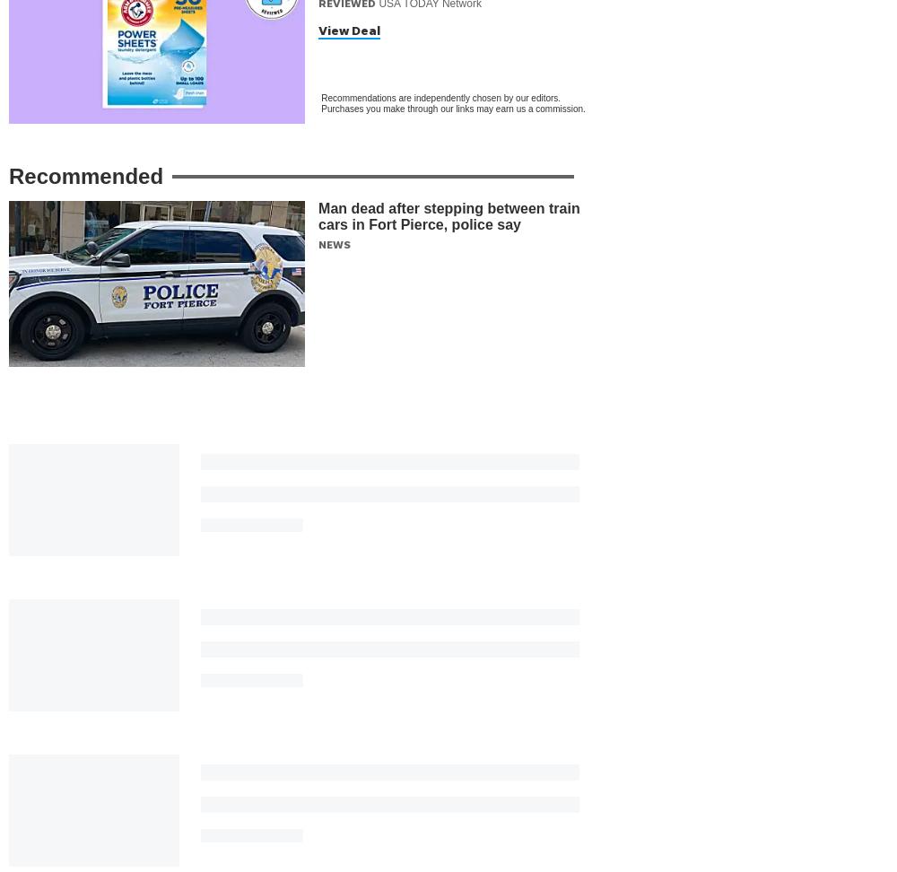 This screenshot has height=872, width=897. Describe the element at coordinates (450, 767) in the screenshot. I see `'Mobile Apps'` at that location.